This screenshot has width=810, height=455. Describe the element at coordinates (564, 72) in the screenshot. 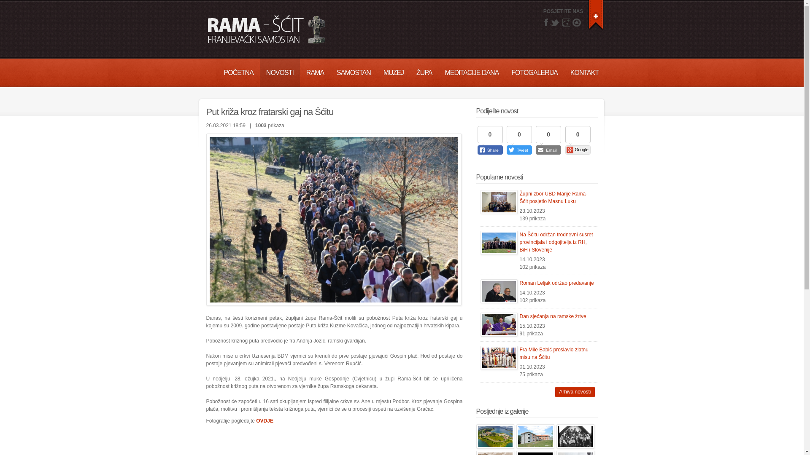

I see `'KONTAKT'` at that location.